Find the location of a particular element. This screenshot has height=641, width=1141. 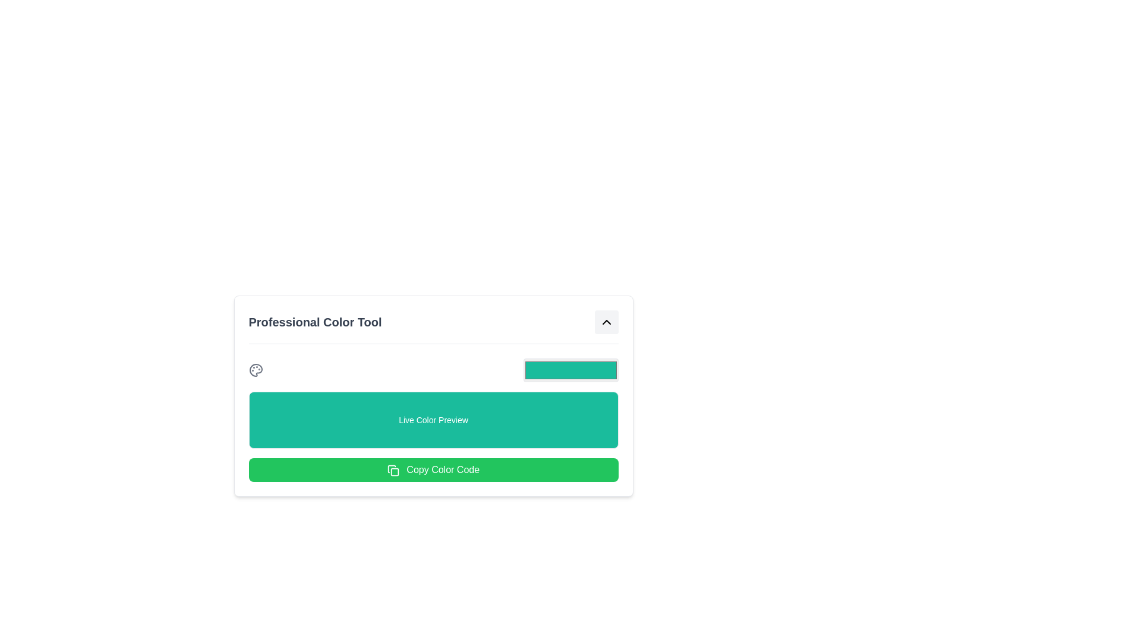

the small rectangular button with rounded corners and a light gray background that contains an upward-pointing chevron icon, located in the top-right corner of the 'Professional Color Tool' section is located at coordinates (606, 322).